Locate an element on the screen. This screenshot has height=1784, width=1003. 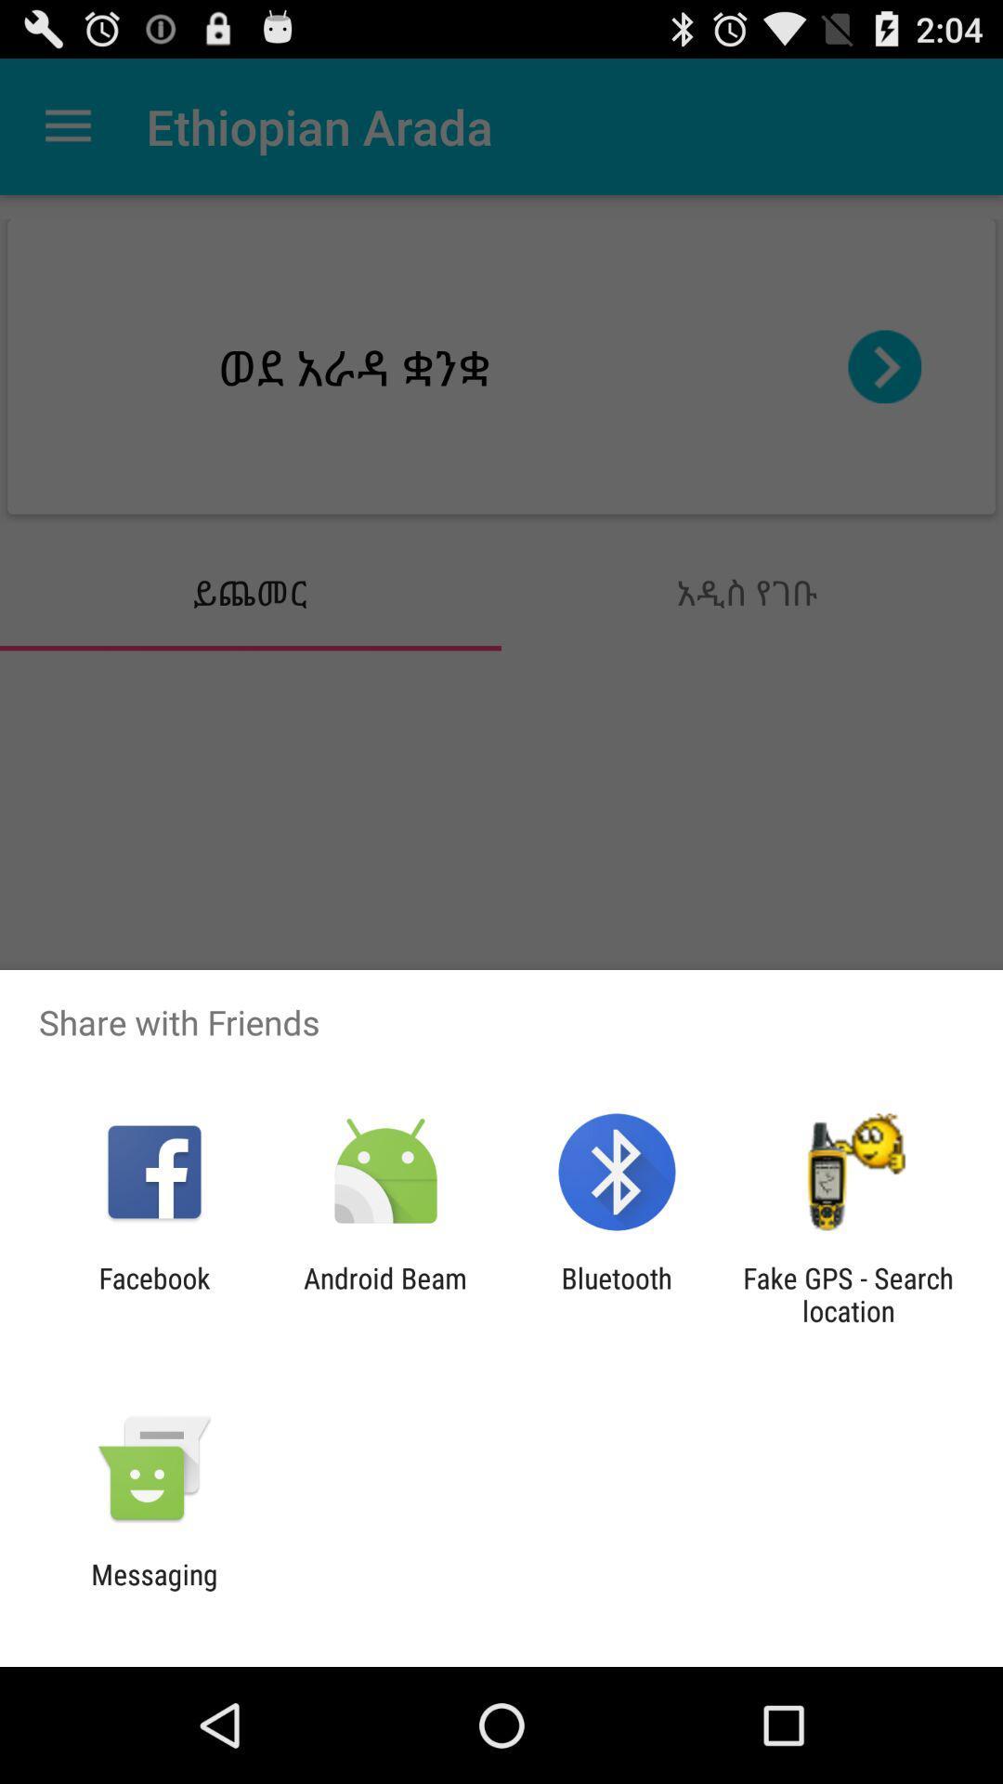
the item to the left of android beam app is located at coordinates (153, 1293).